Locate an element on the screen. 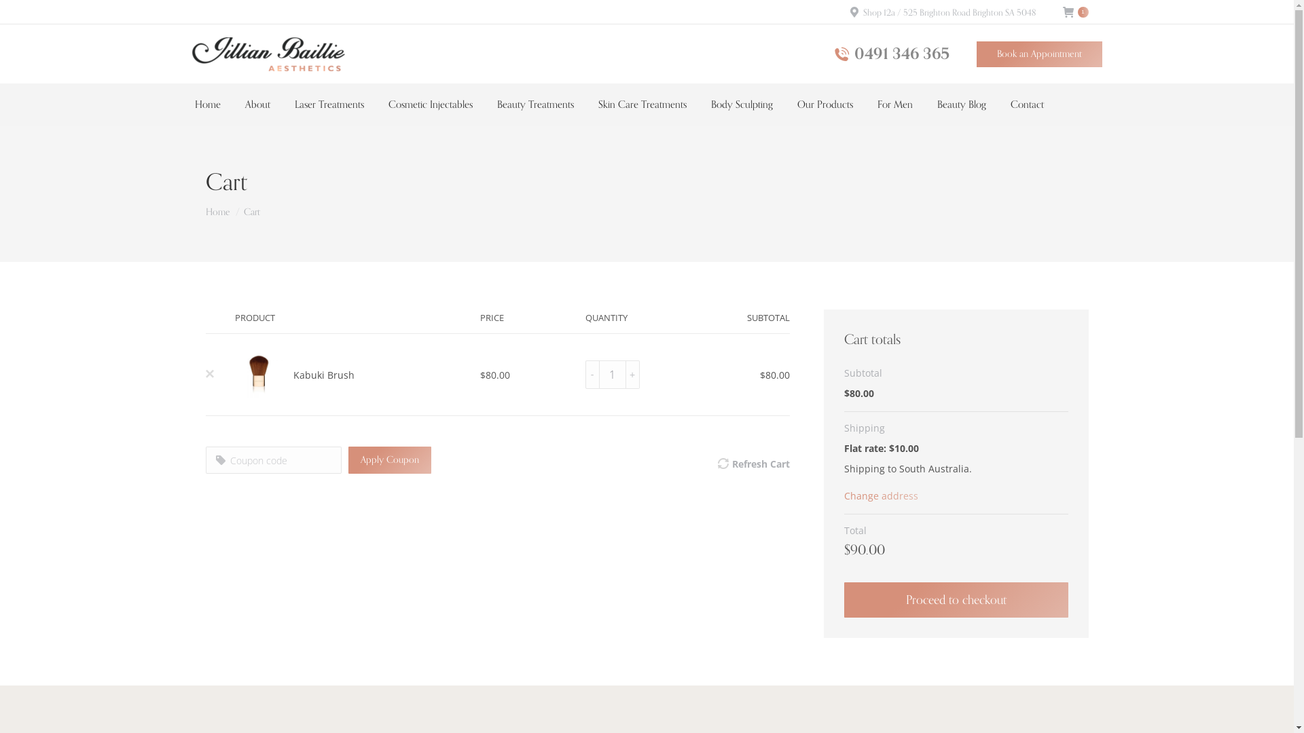 This screenshot has height=733, width=1304. 'Proceed to checkout' is located at coordinates (954, 599).